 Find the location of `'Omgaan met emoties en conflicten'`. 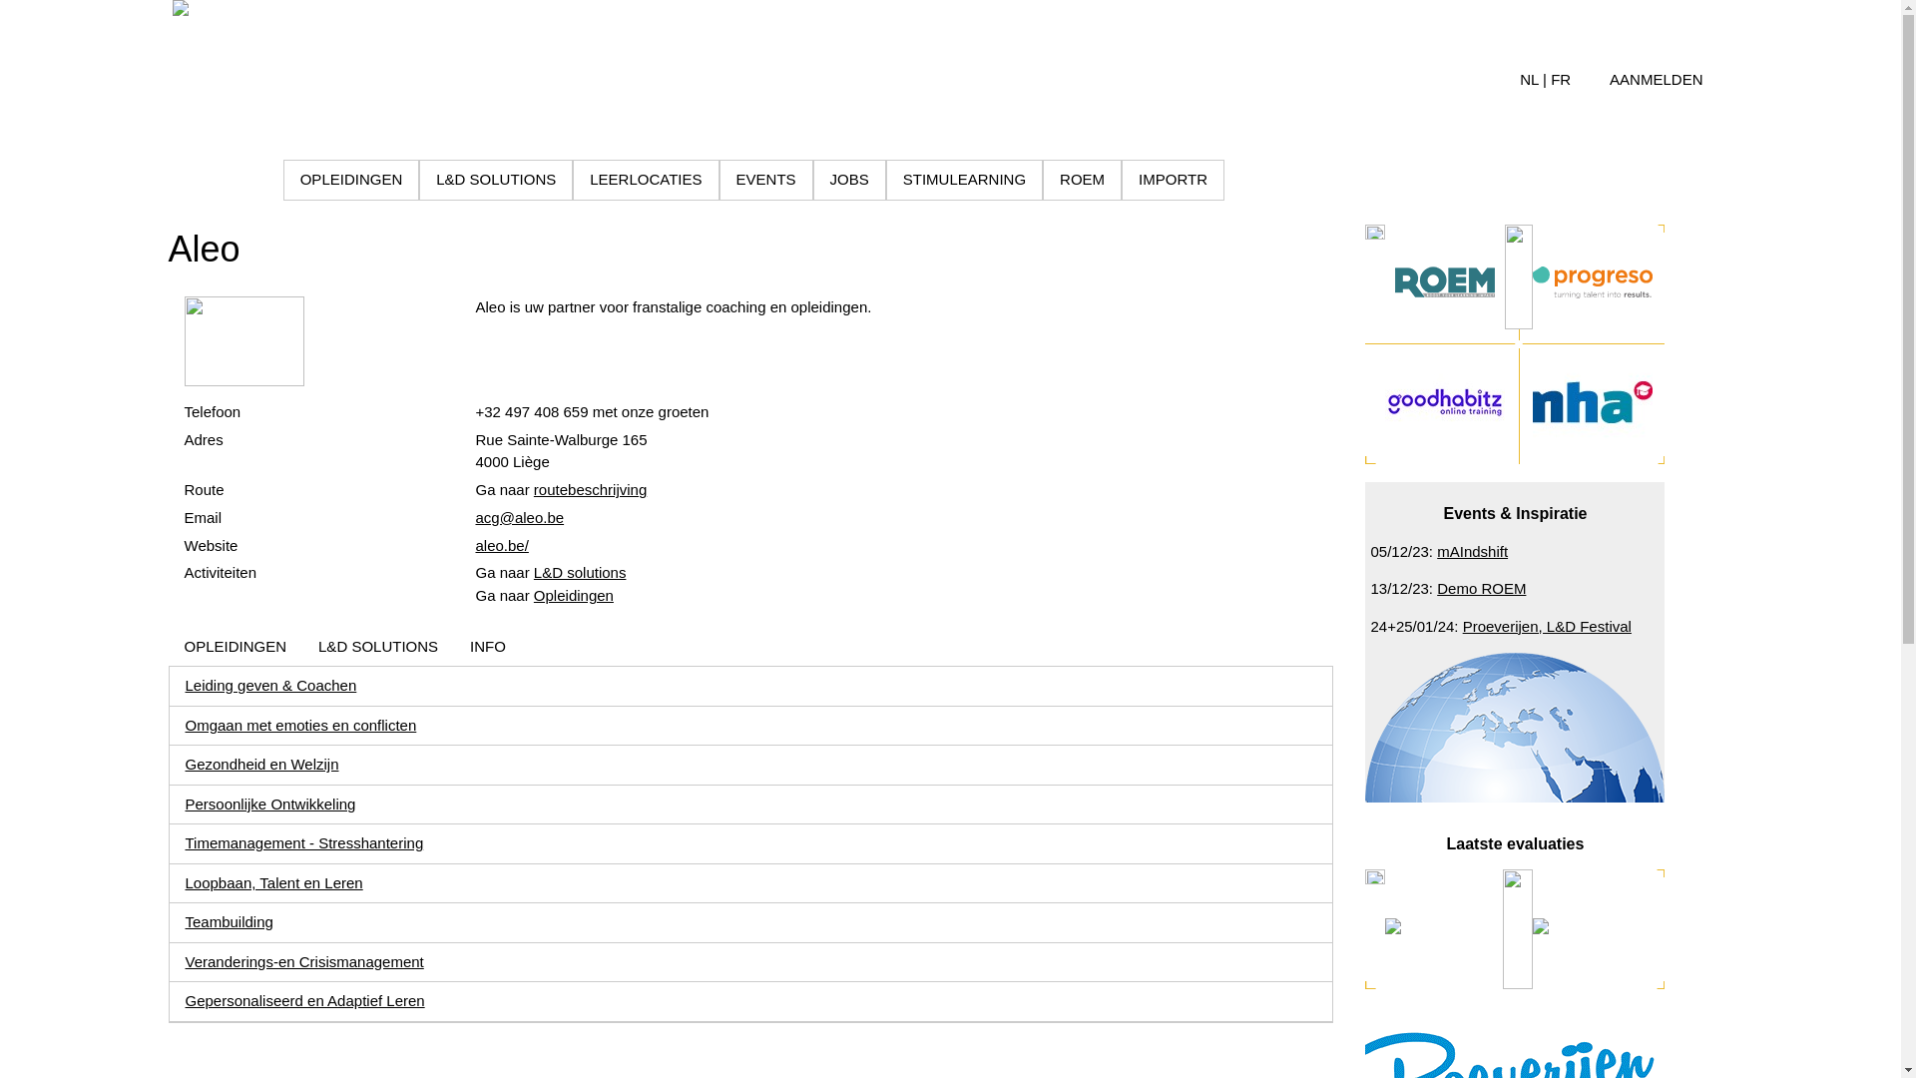

'Omgaan met emoties en conflicten' is located at coordinates (300, 725).